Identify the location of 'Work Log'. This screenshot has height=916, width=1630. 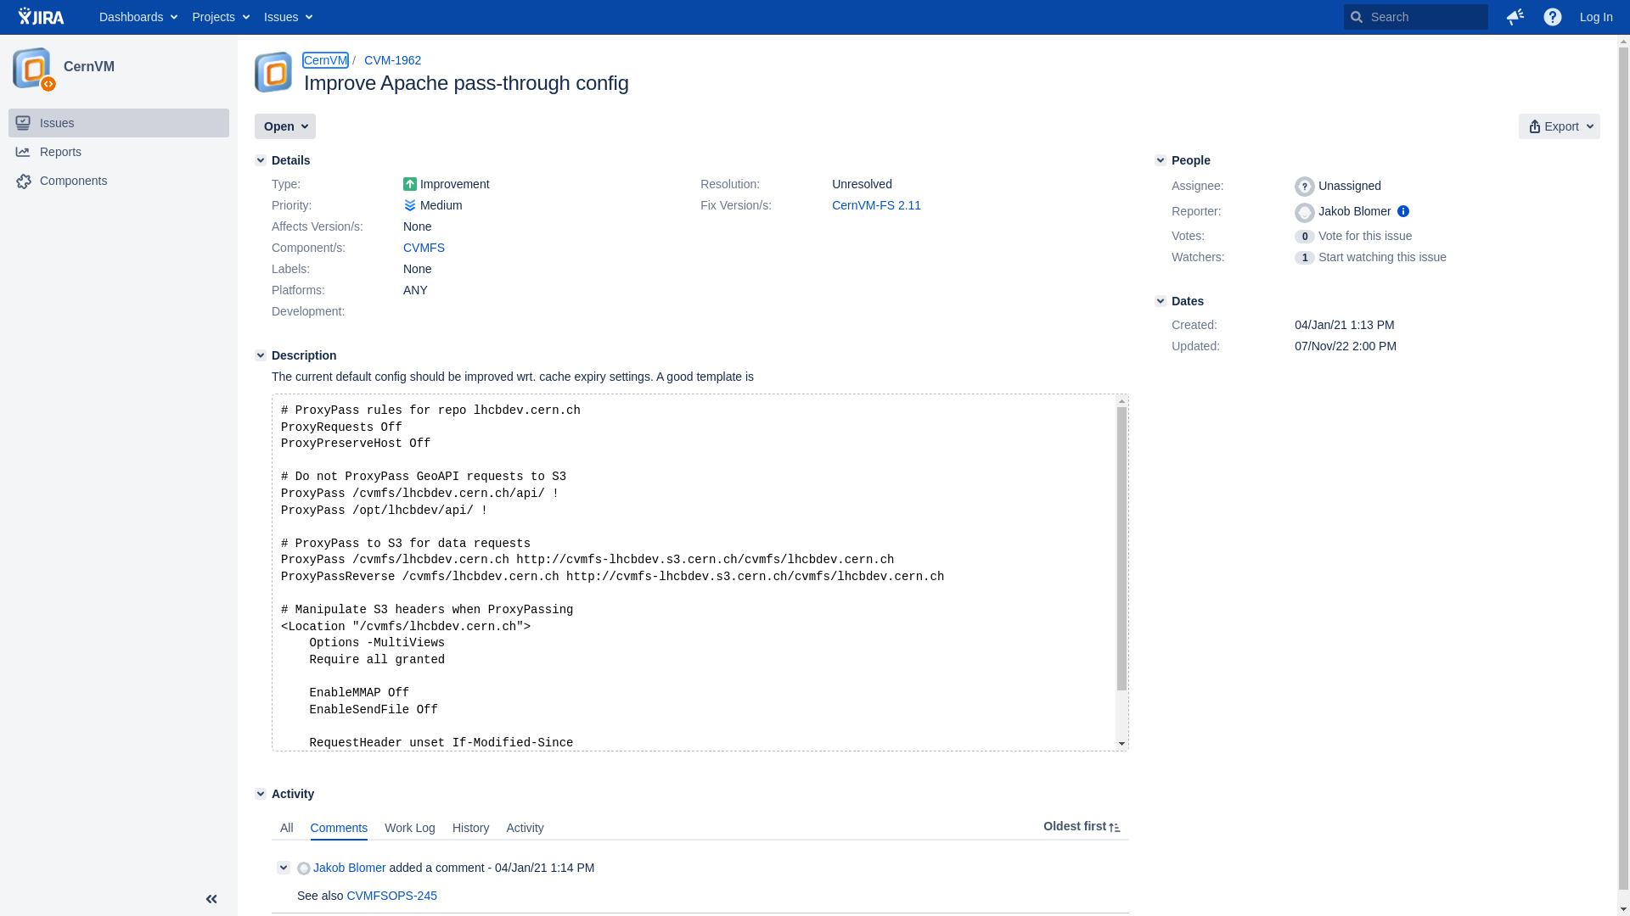
(410, 826).